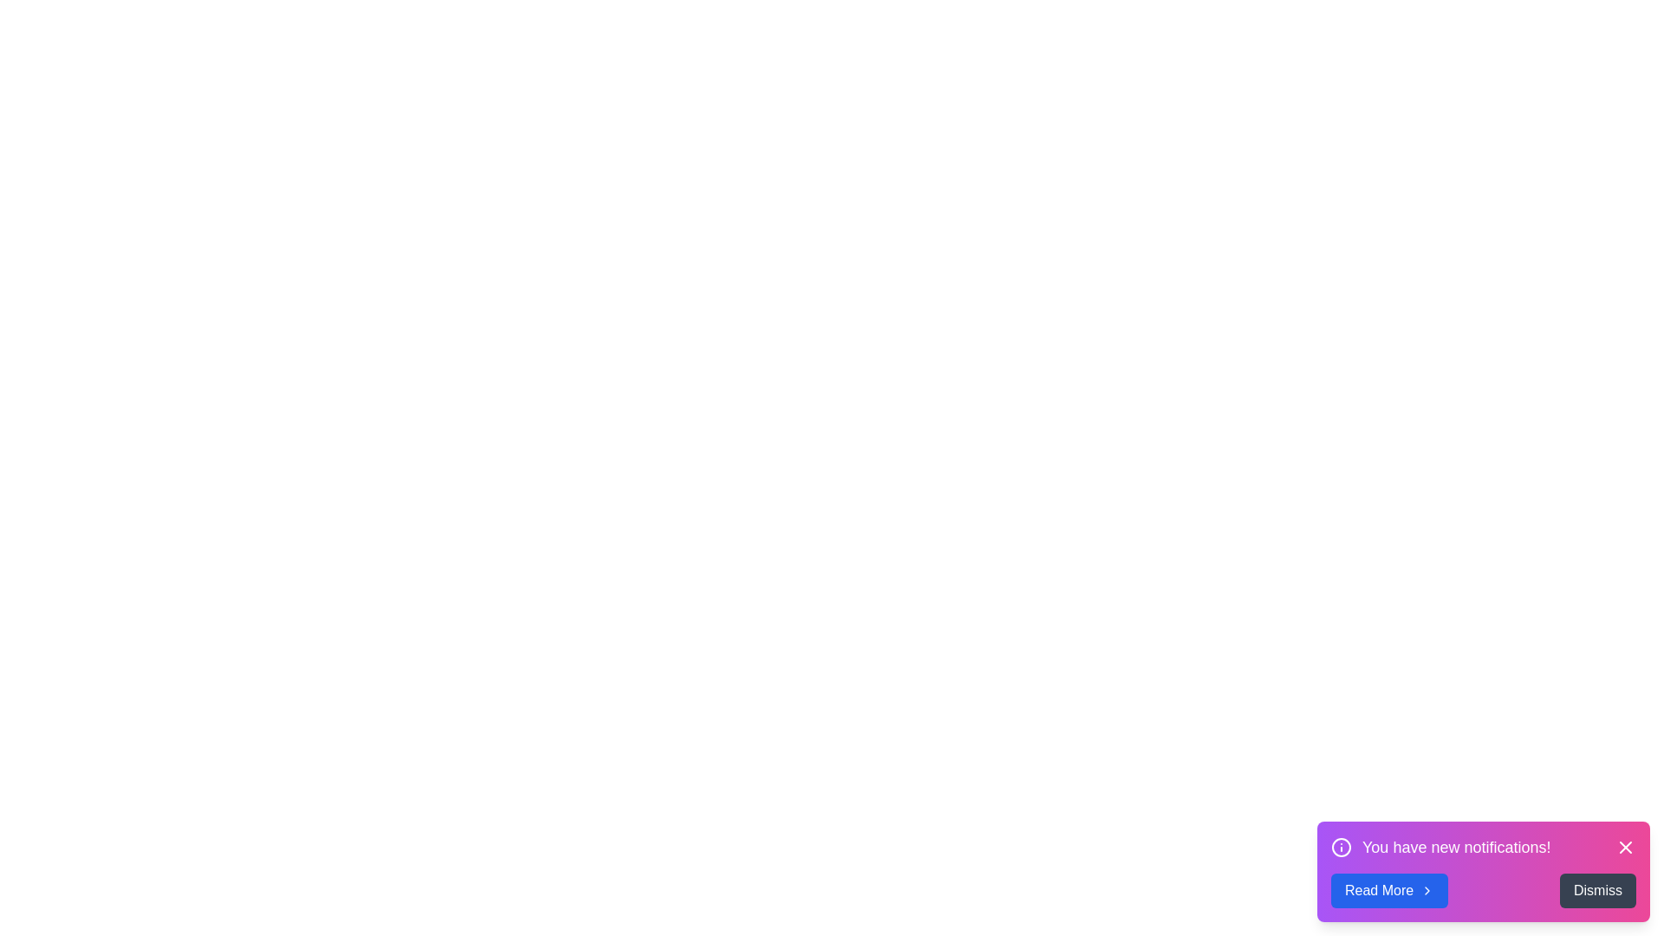 The image size is (1664, 936). I want to click on the navigation icon located to the right of the 'Read More' button to indicate more information or next action, so click(1427, 891).